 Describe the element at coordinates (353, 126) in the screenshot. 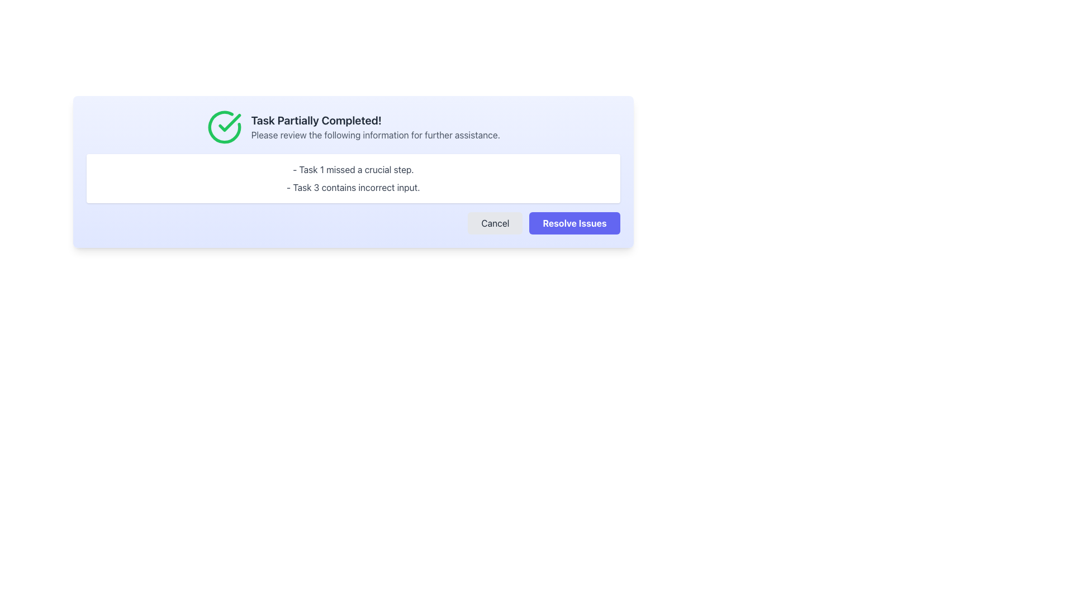

I see `the Informational Message located at the top of the light blue card which indicates the partial completion of tasks` at that location.